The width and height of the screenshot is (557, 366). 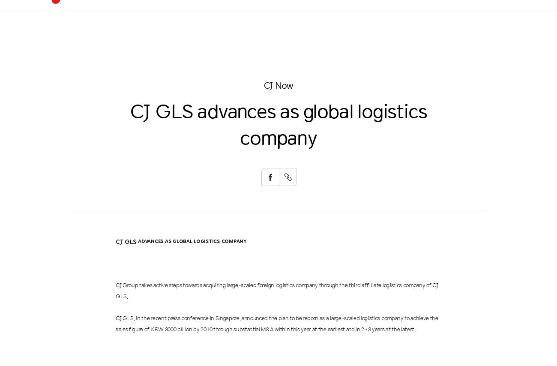 What do you see at coordinates (433, 51) in the screenshot?
I see `'Job Openings'` at bounding box center [433, 51].